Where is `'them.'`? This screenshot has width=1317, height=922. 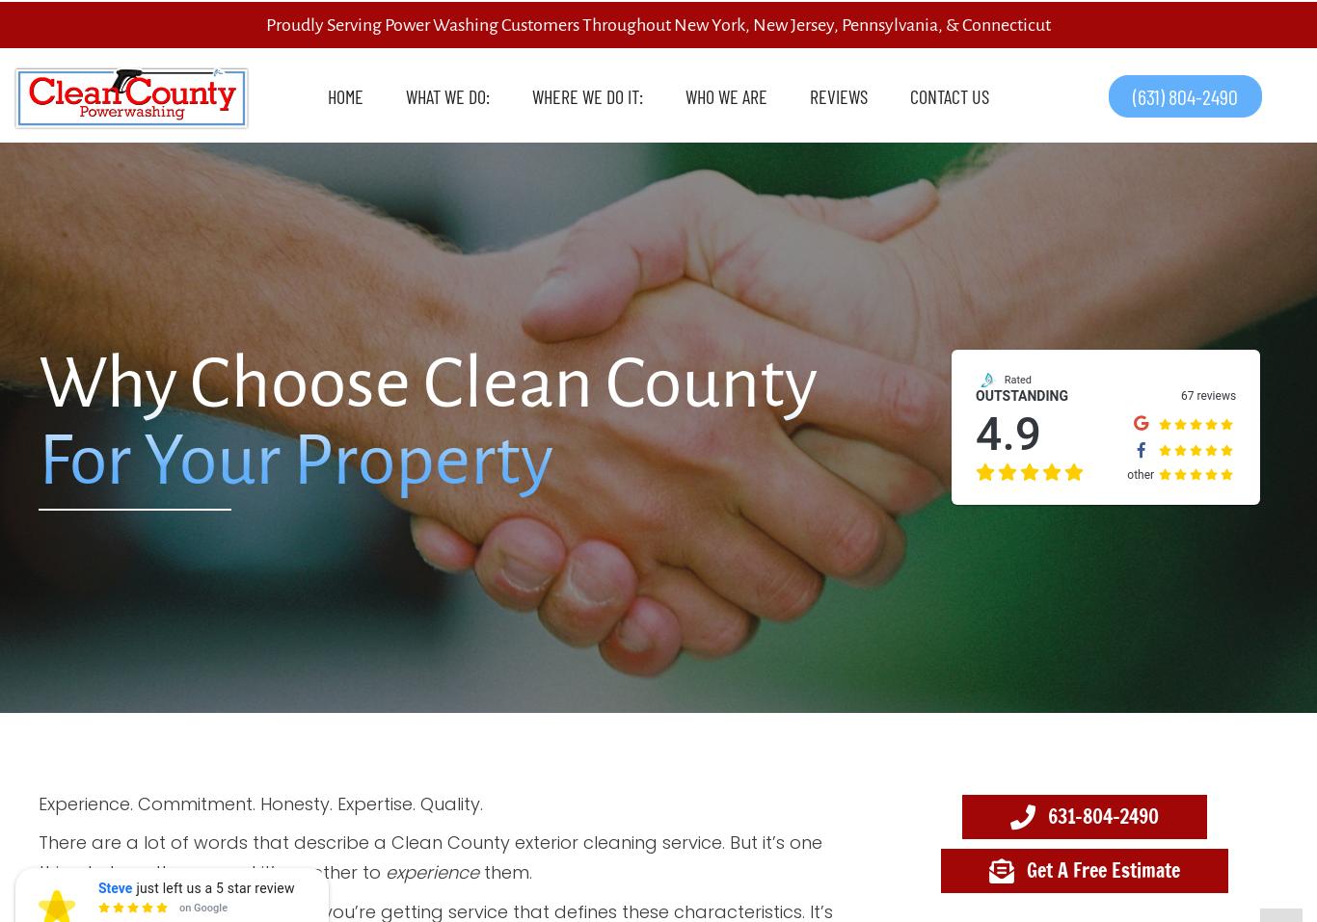
'them.' is located at coordinates (505, 871).